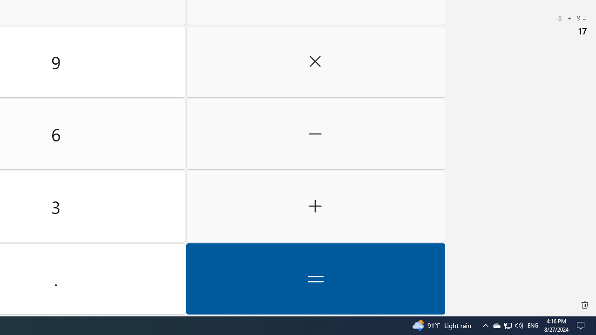 This screenshot has height=335, width=596. What do you see at coordinates (315, 62) in the screenshot?
I see `'Multiply by'` at bounding box center [315, 62].